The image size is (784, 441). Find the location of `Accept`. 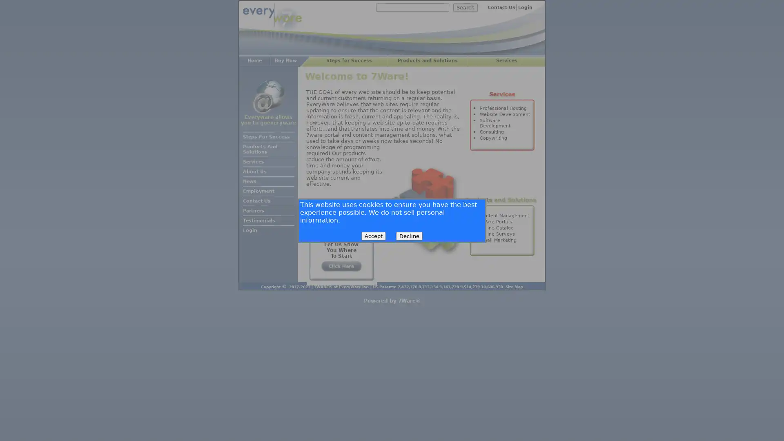

Accept is located at coordinates (373, 236).